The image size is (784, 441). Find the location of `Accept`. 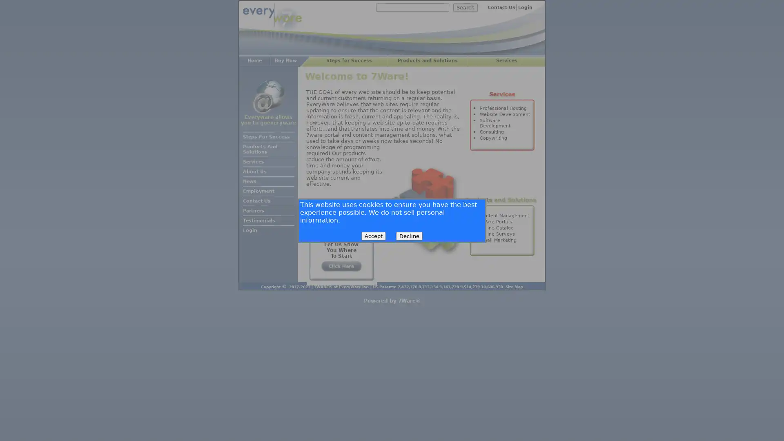

Accept is located at coordinates (373, 236).